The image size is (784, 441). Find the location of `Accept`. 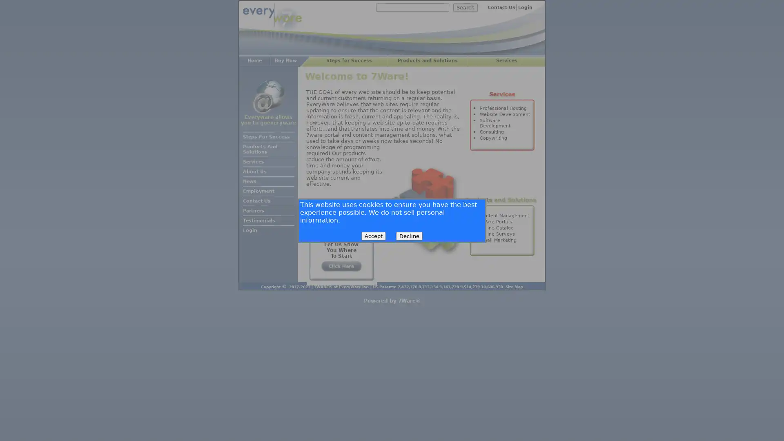

Accept is located at coordinates (373, 236).